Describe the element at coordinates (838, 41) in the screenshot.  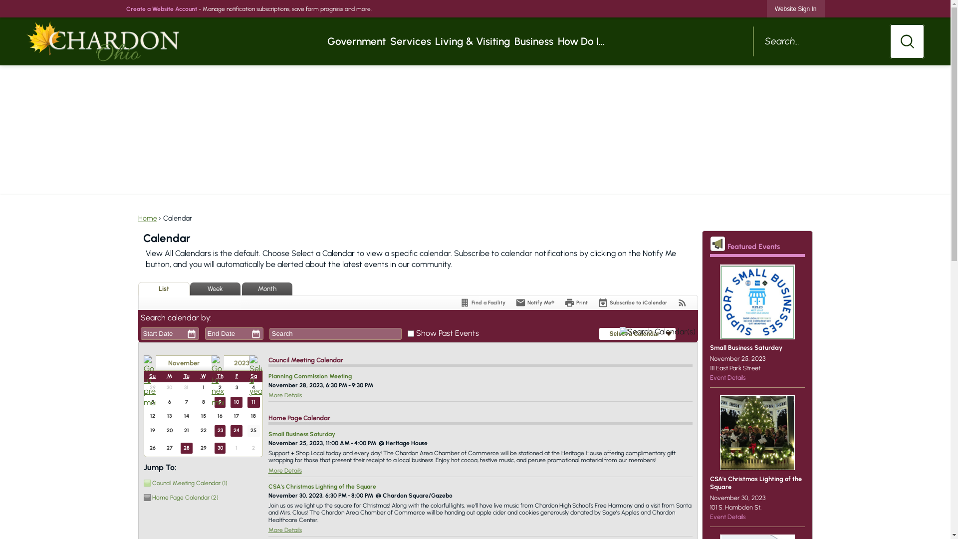
I see `'Search...'` at that location.